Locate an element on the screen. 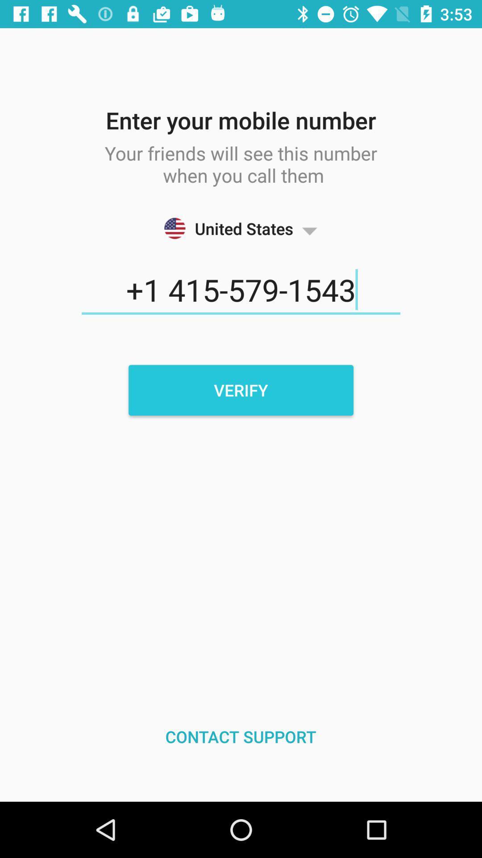 This screenshot has width=482, height=858. verify is located at coordinates (241, 390).